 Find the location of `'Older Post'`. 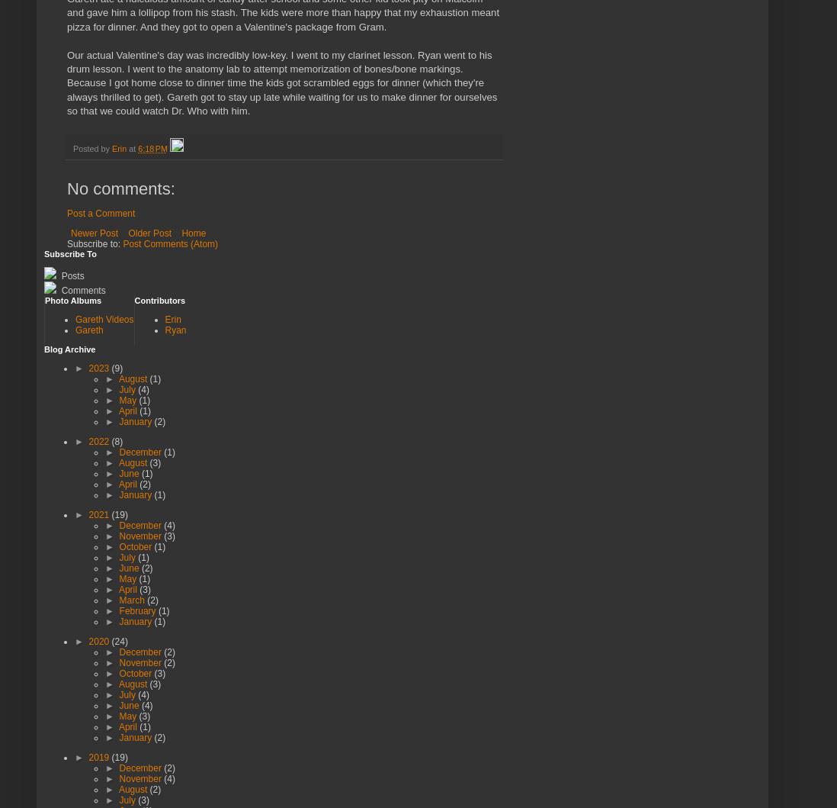

'Older Post' is located at coordinates (149, 233).